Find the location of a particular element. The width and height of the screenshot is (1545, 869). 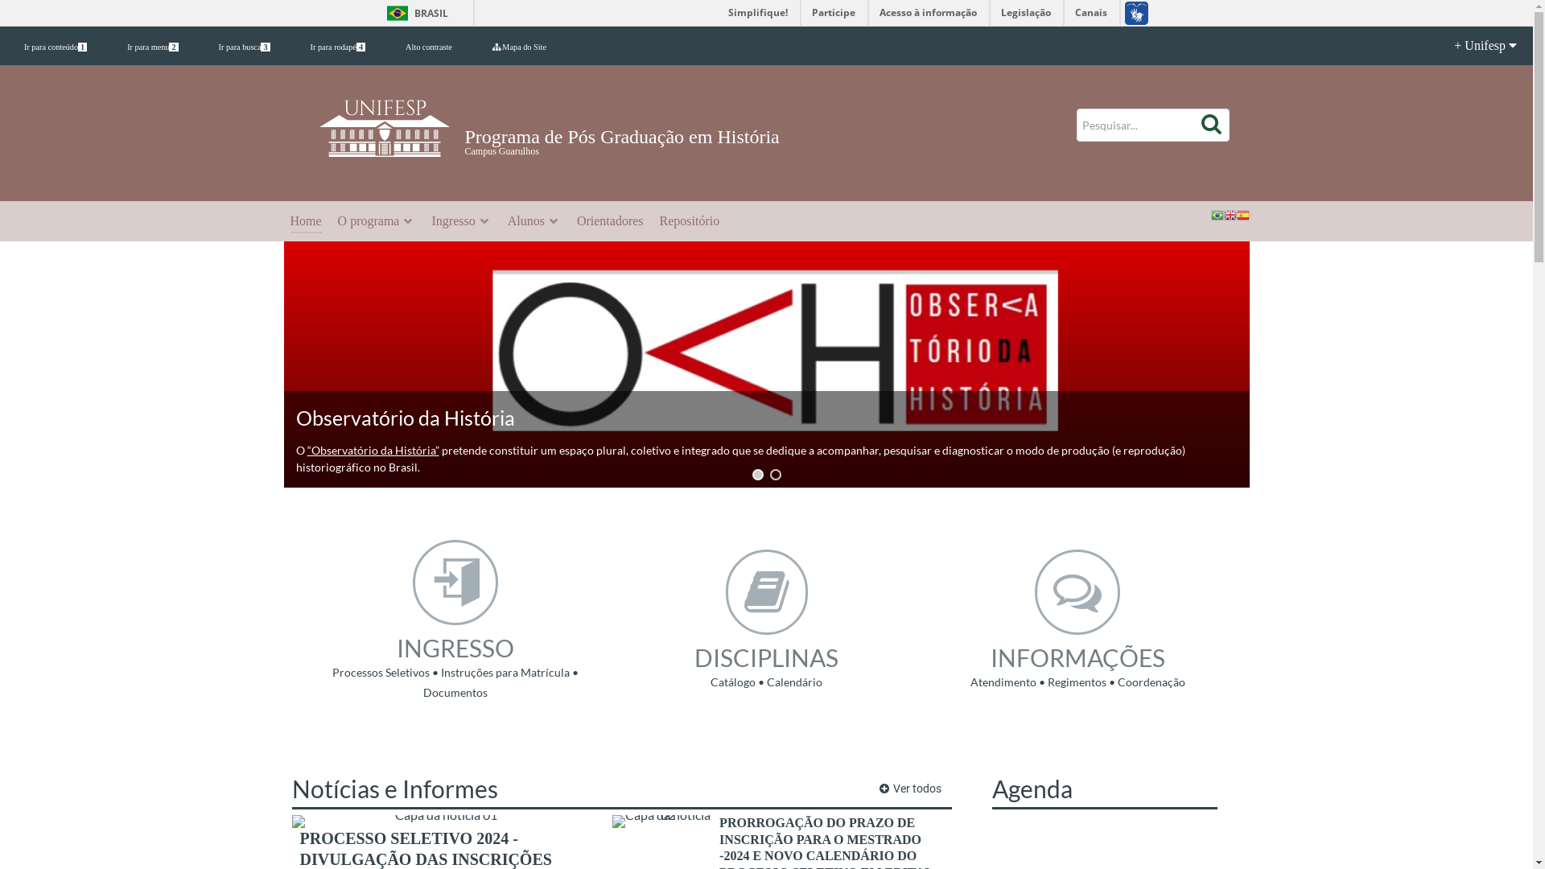

'Mapa do Site' is located at coordinates (519, 46).